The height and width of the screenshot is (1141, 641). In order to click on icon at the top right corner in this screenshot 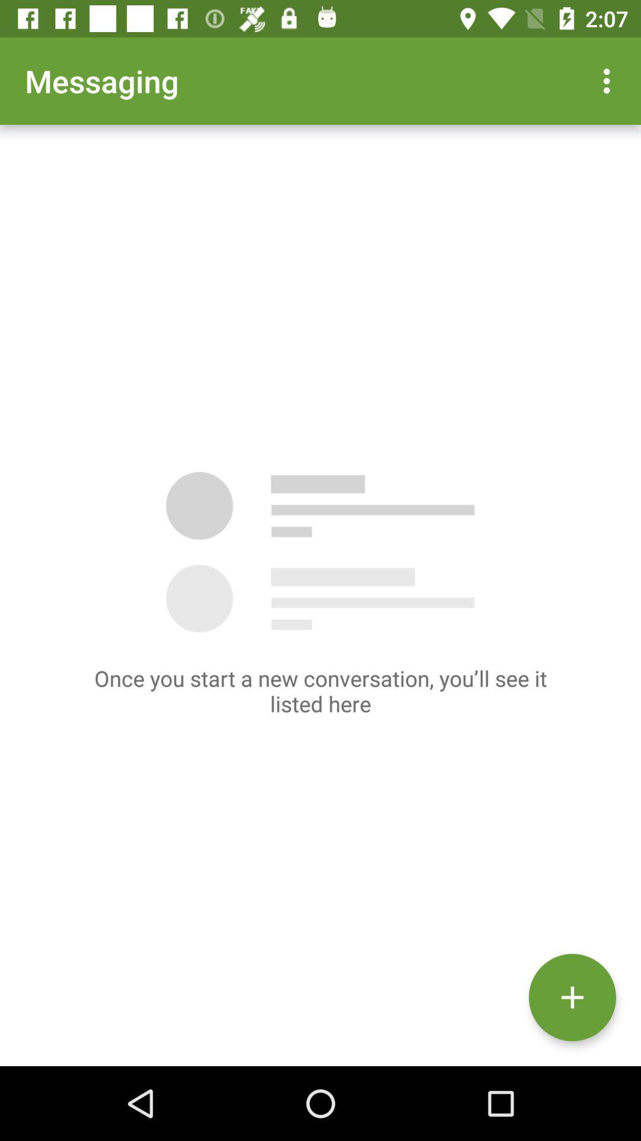, I will do `click(610, 80)`.